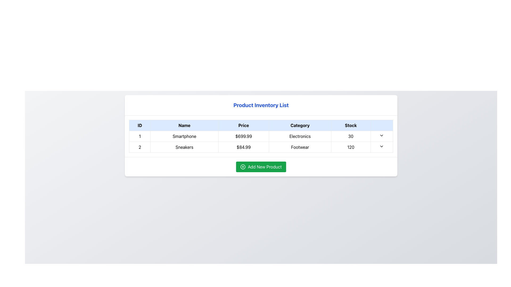  I want to click on the non-interactive text label displaying the product category in the table row, which is the fourth element under the 'Category' header, so click(300, 147).